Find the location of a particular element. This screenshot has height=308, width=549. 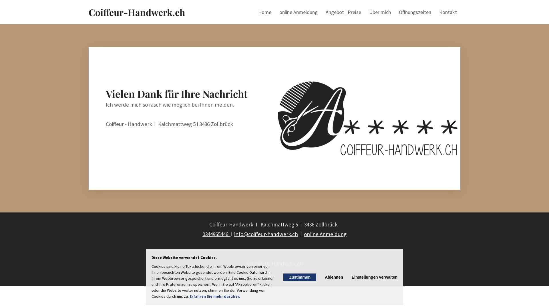

'online Anmeldung' is located at coordinates (303, 234).